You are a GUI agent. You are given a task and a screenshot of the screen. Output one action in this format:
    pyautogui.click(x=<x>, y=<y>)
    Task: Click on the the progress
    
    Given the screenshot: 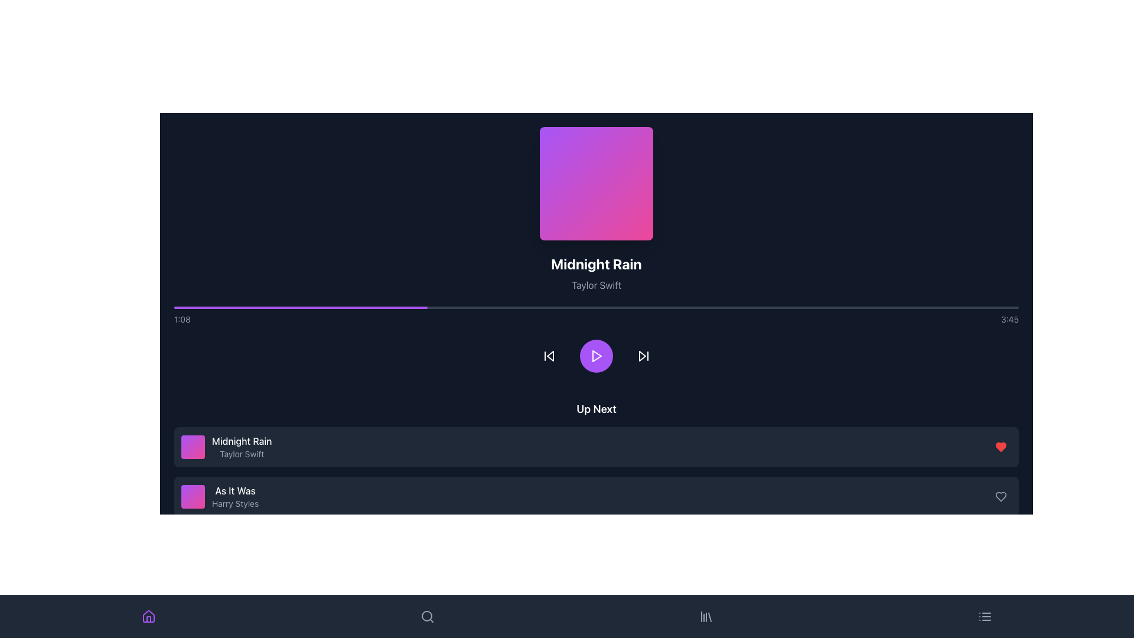 What is the action you would take?
    pyautogui.click(x=359, y=307)
    